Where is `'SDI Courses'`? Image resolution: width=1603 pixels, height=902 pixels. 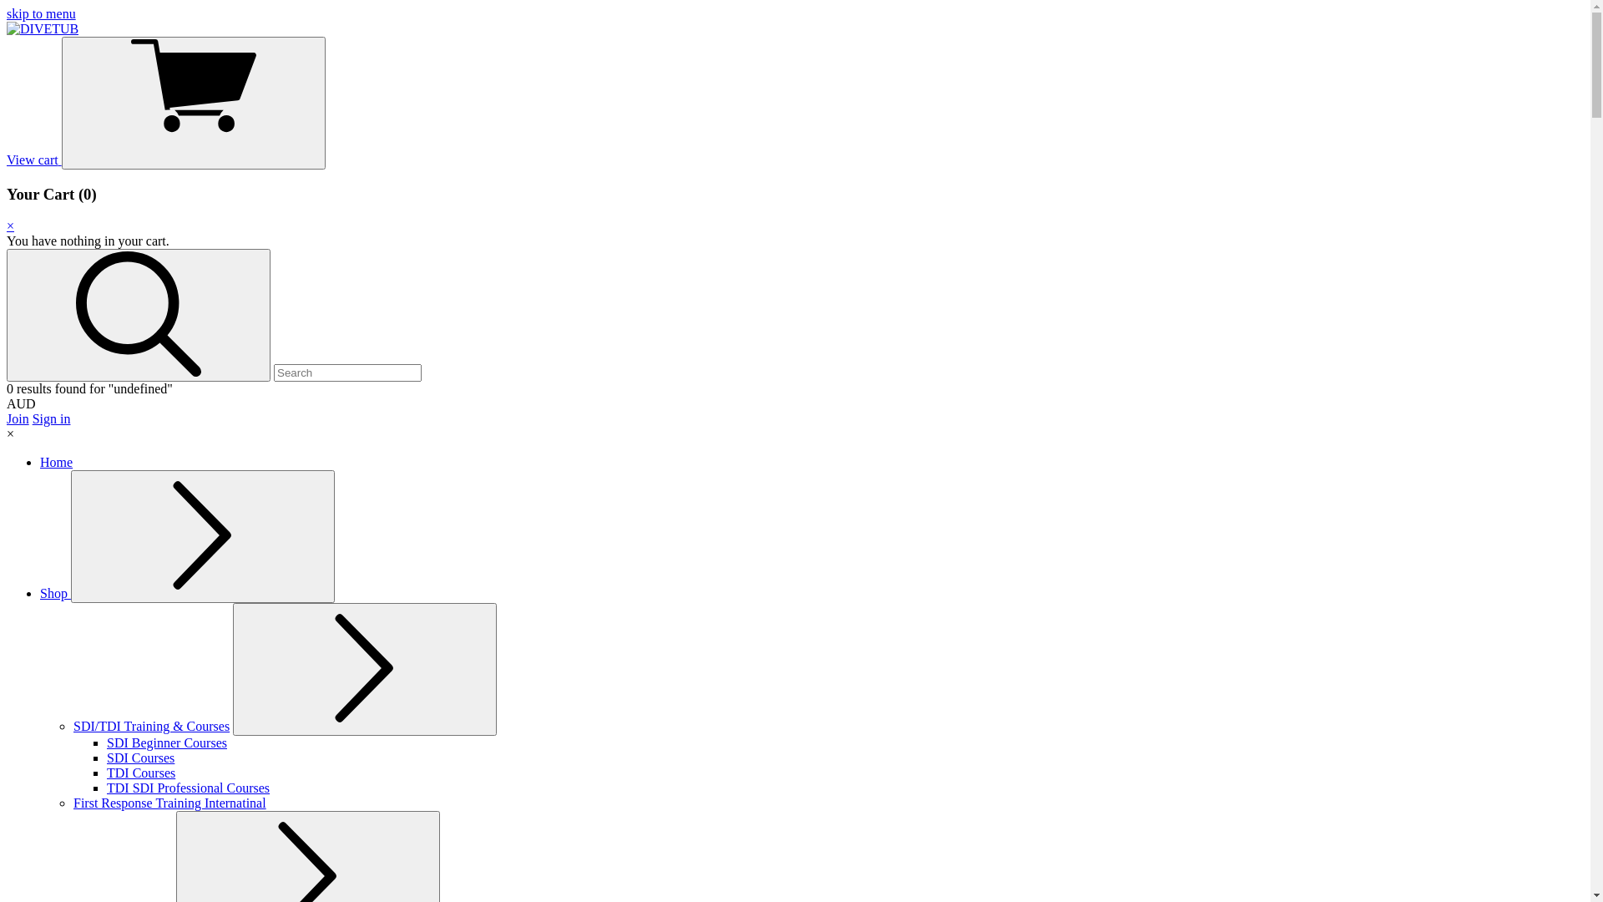
'SDI Courses' is located at coordinates (140, 758).